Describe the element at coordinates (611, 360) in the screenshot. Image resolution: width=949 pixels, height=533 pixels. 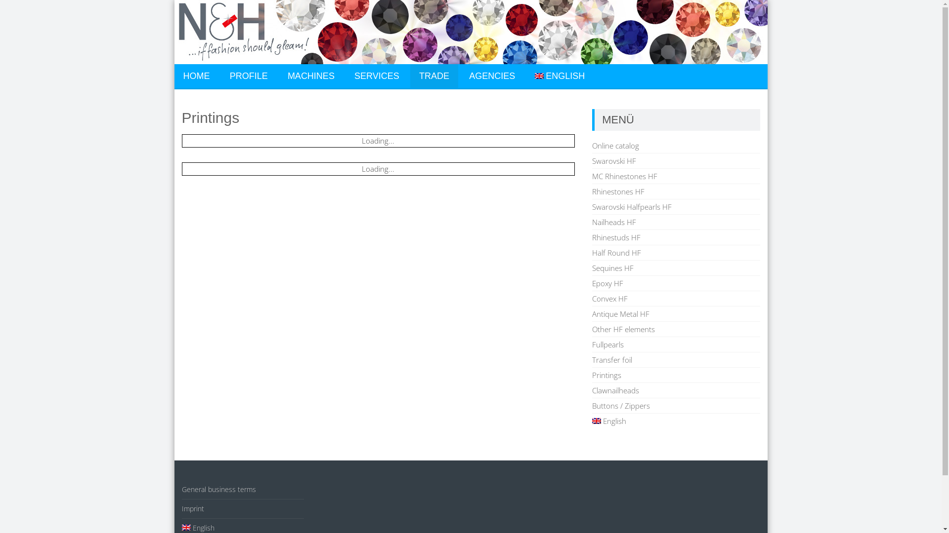
I see `'Transfer foil'` at that location.